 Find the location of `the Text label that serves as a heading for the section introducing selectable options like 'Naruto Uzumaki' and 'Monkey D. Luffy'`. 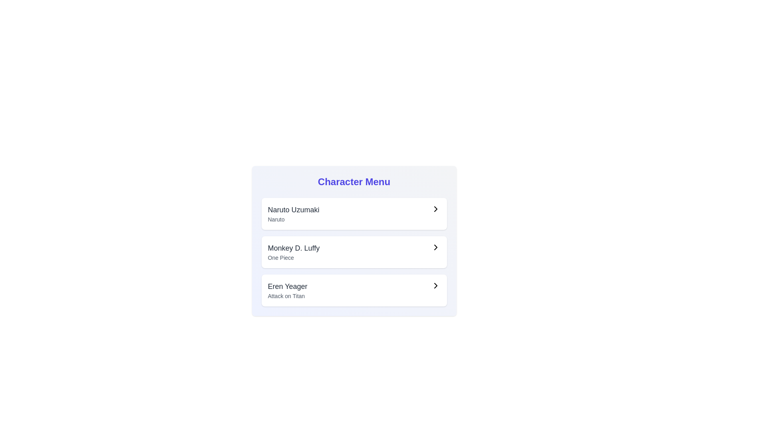

the Text label that serves as a heading for the section introducing selectable options like 'Naruto Uzumaki' and 'Monkey D. Luffy' is located at coordinates (354, 182).